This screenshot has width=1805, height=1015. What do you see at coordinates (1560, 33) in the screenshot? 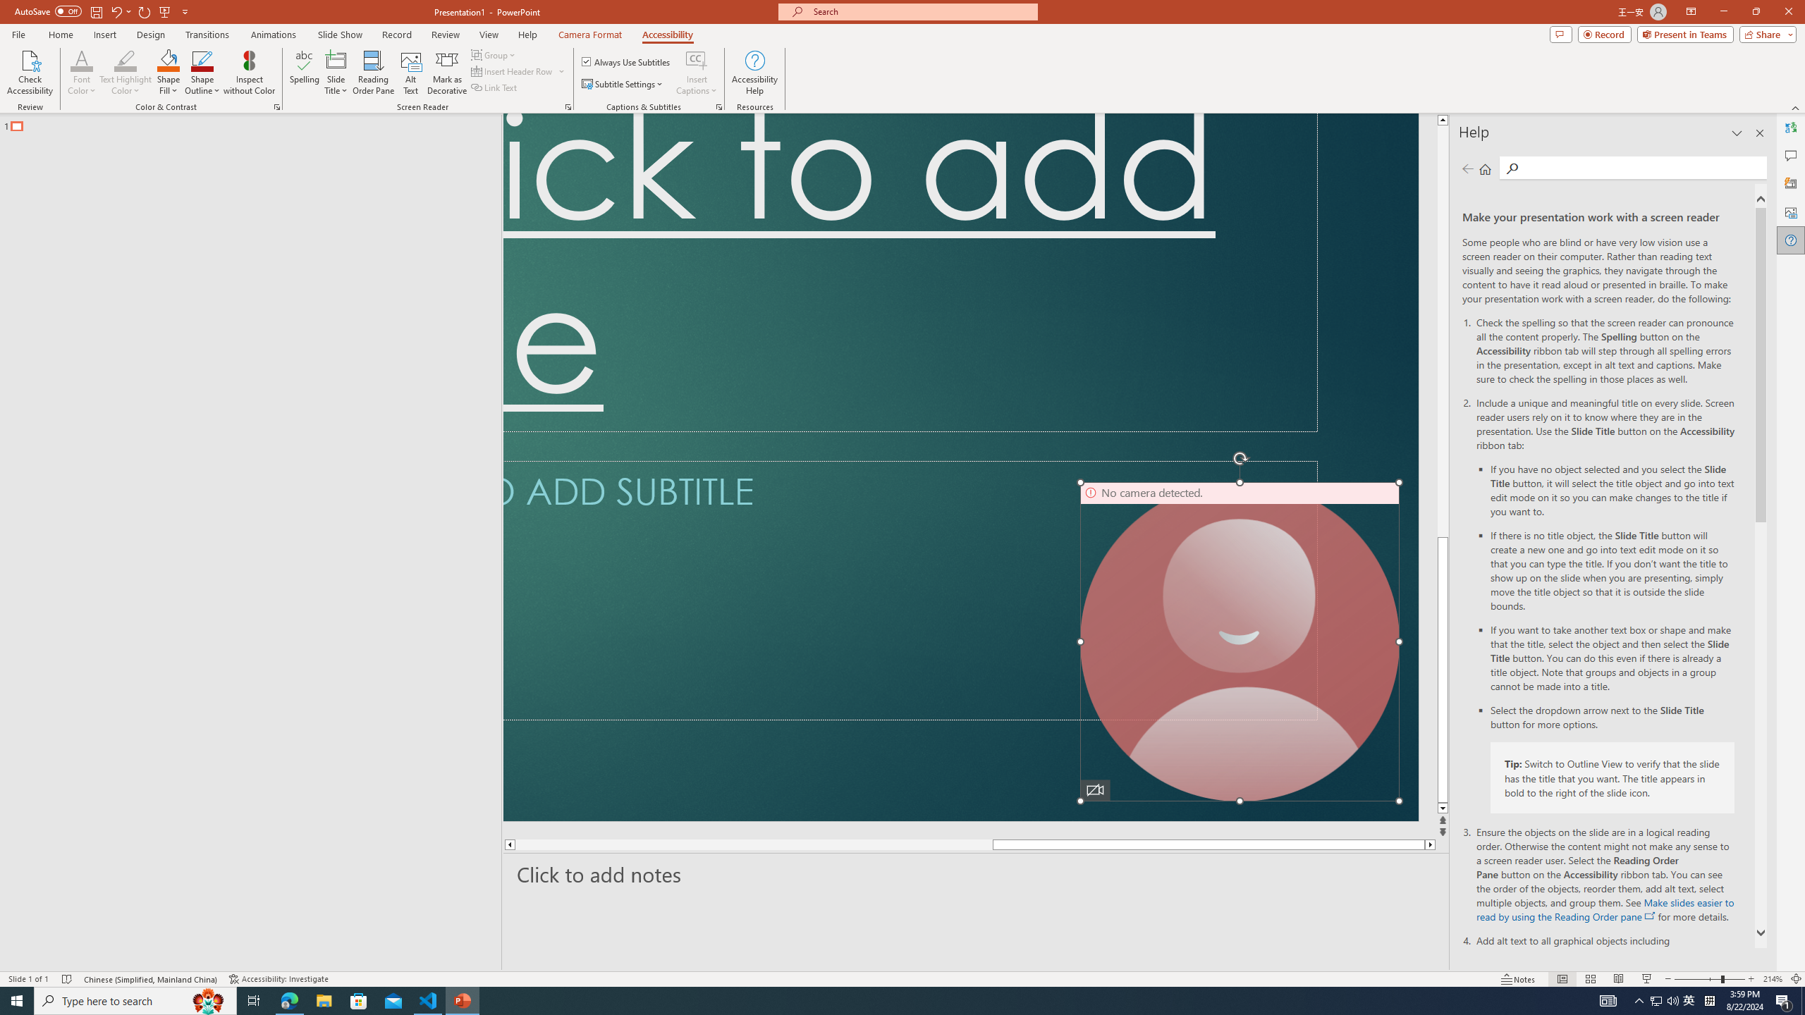
I see `'Comments'` at bounding box center [1560, 33].